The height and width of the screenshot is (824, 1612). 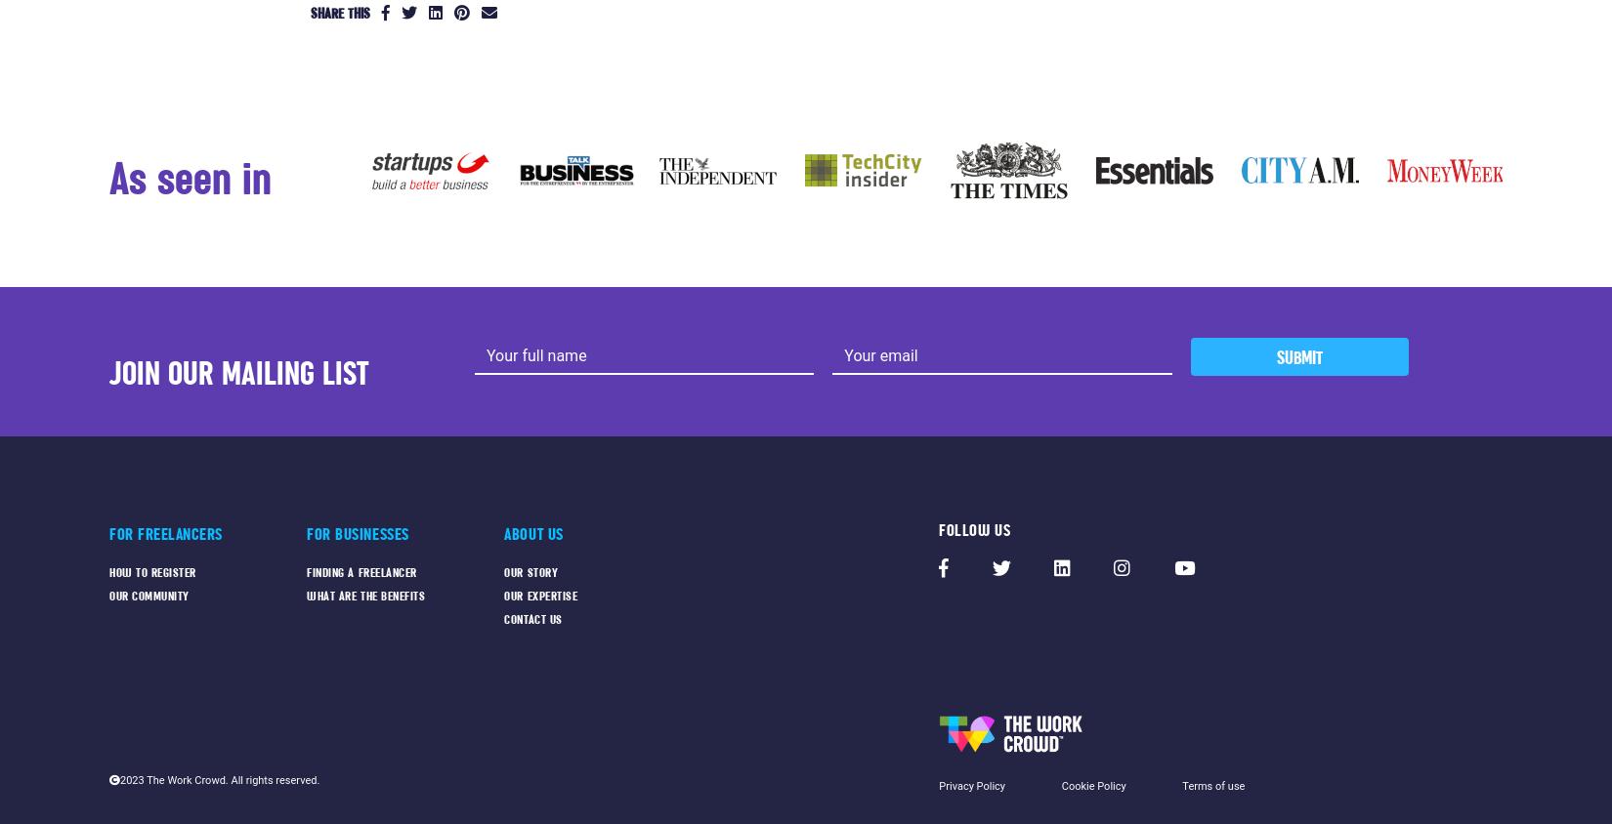 I want to click on 'OUR COMMUNITY', so click(x=148, y=595).